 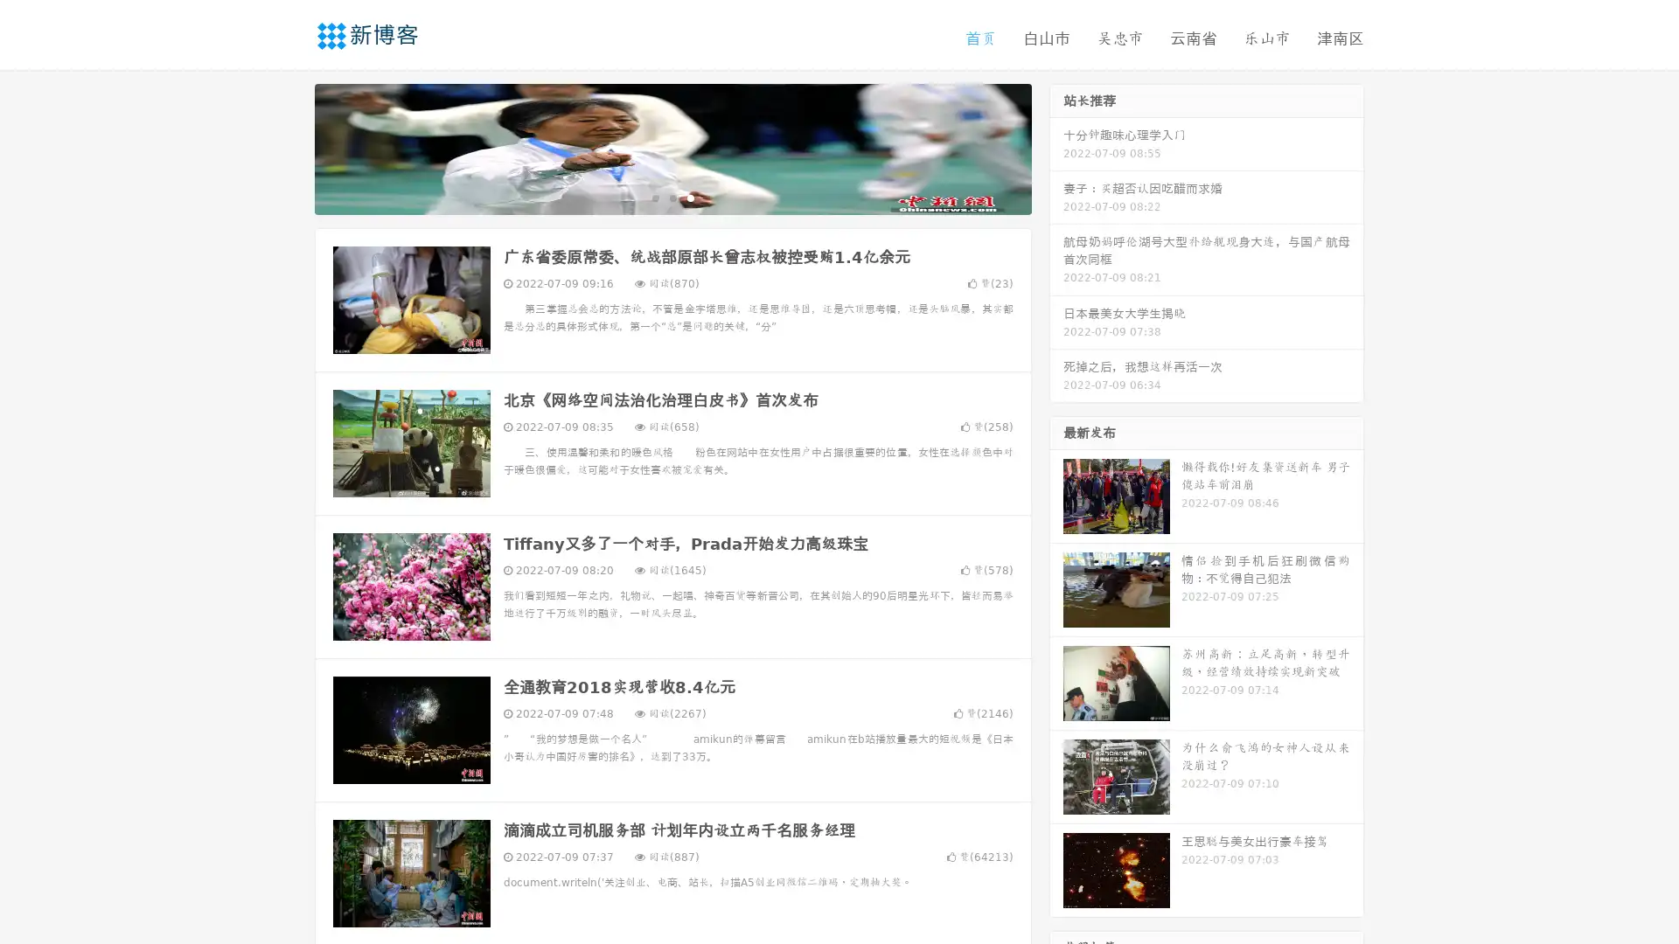 I want to click on Go to slide 3, so click(x=690, y=197).